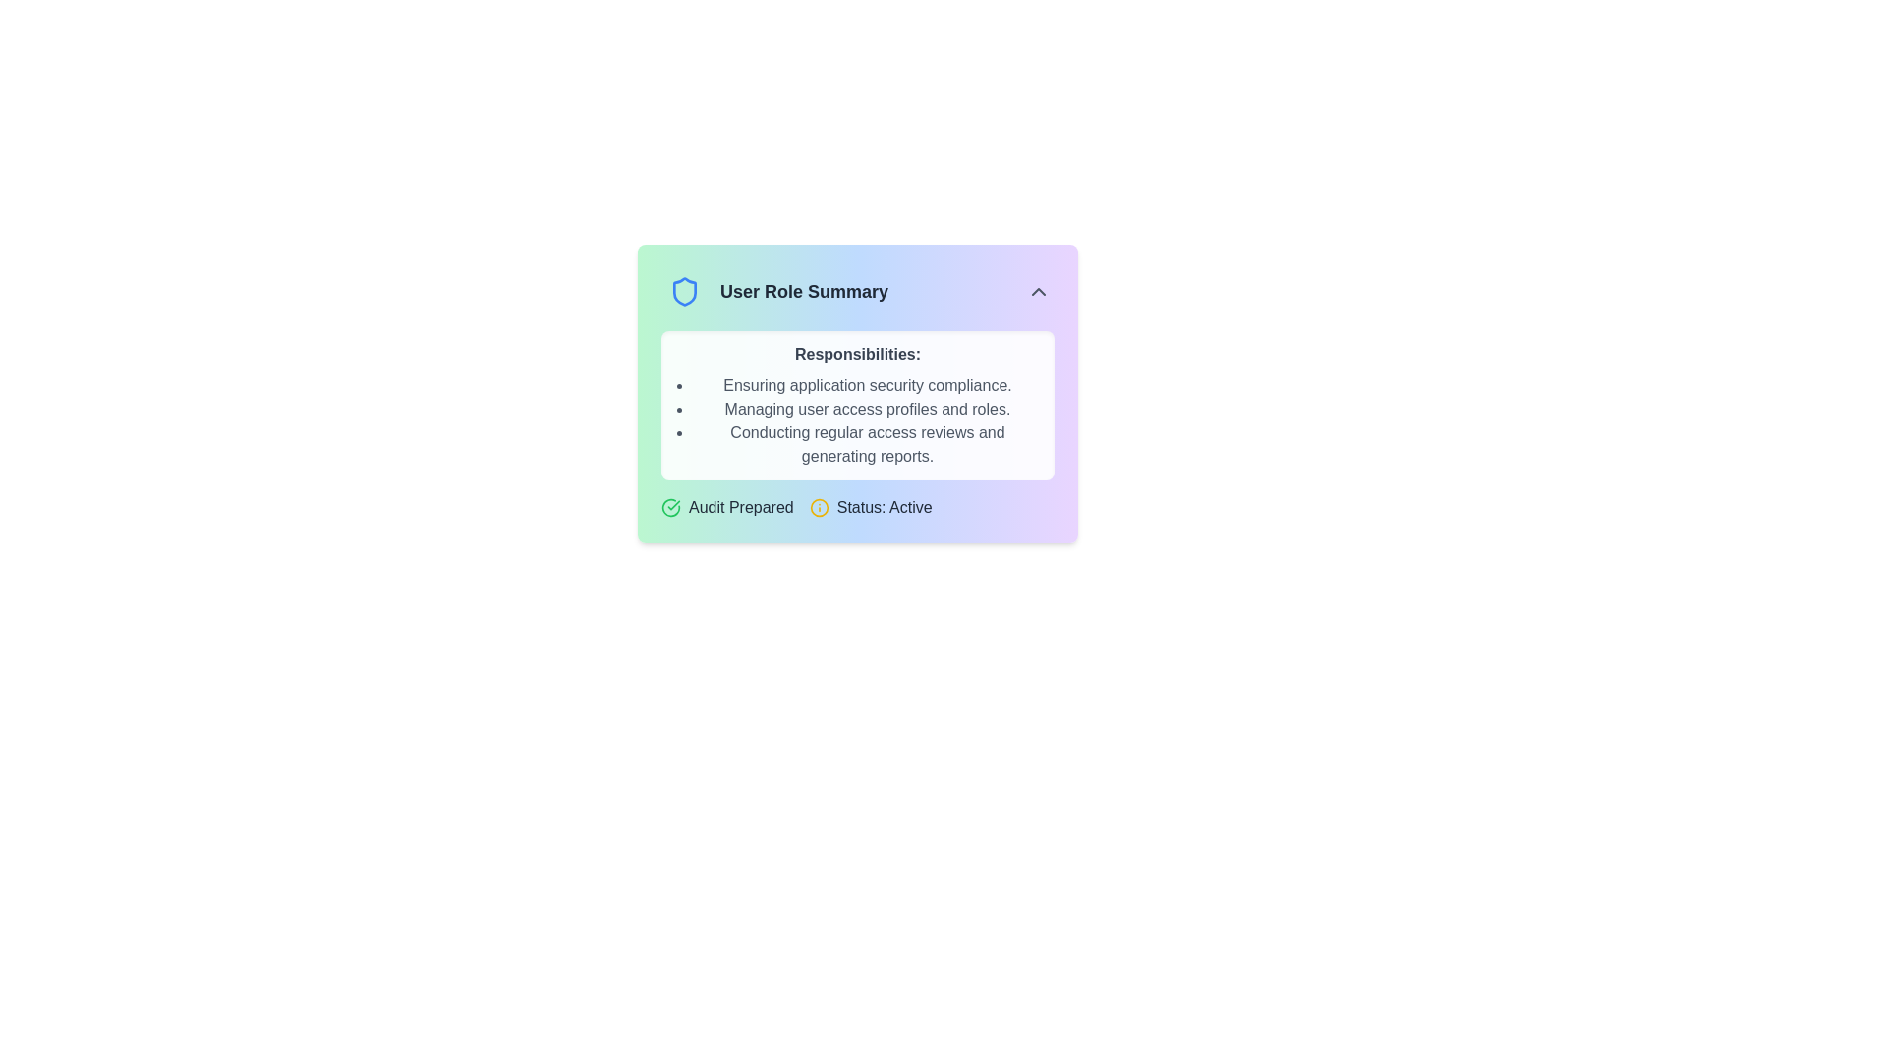 This screenshot has width=1887, height=1061. I want to click on the circular green icon with a checkmark indicating a successful state, located at the leftmost side of the group containing the 'Audit Prepared' text, so click(670, 506).